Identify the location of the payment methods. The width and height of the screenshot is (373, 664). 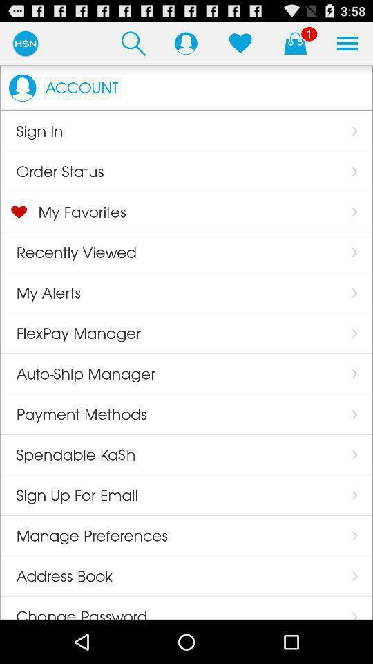
(73, 414).